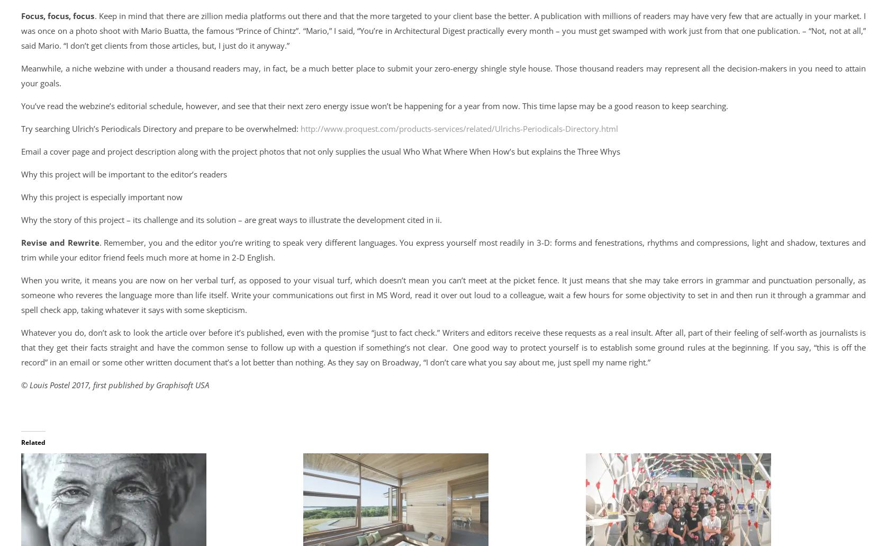  Describe the element at coordinates (443, 249) in the screenshot. I see `'. Remember, you and the editor you’re writing to speak very different languages. You express yourself most readily in 3-D: forms and fenestrations, rhythms and compressions, light and shadow, textures and trim while your editor friend feels much more at home in 2-D English.'` at that location.